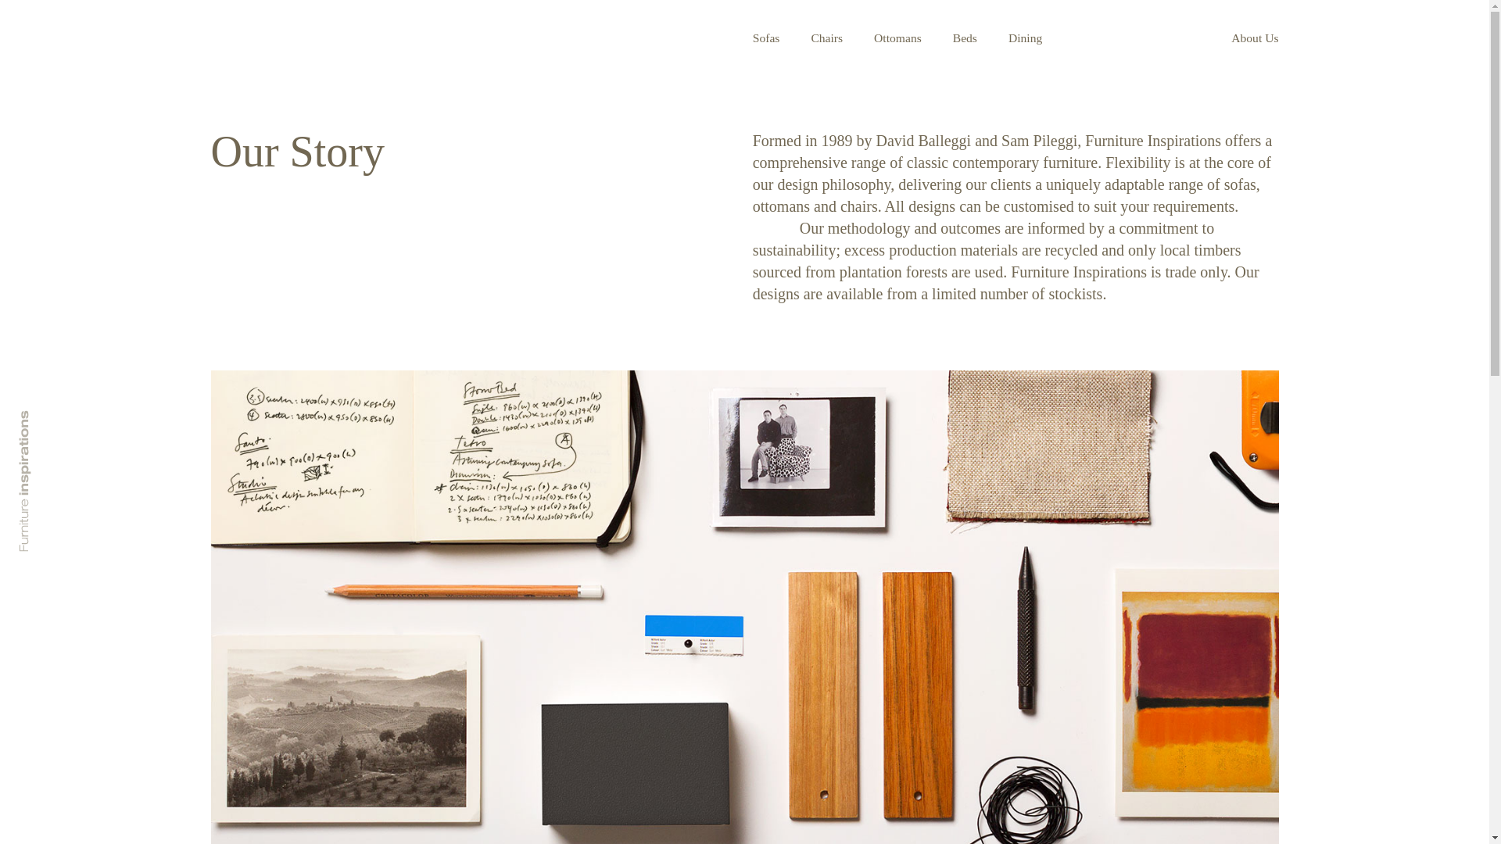 The image size is (1501, 844). I want to click on 'About Us', so click(1254, 37).